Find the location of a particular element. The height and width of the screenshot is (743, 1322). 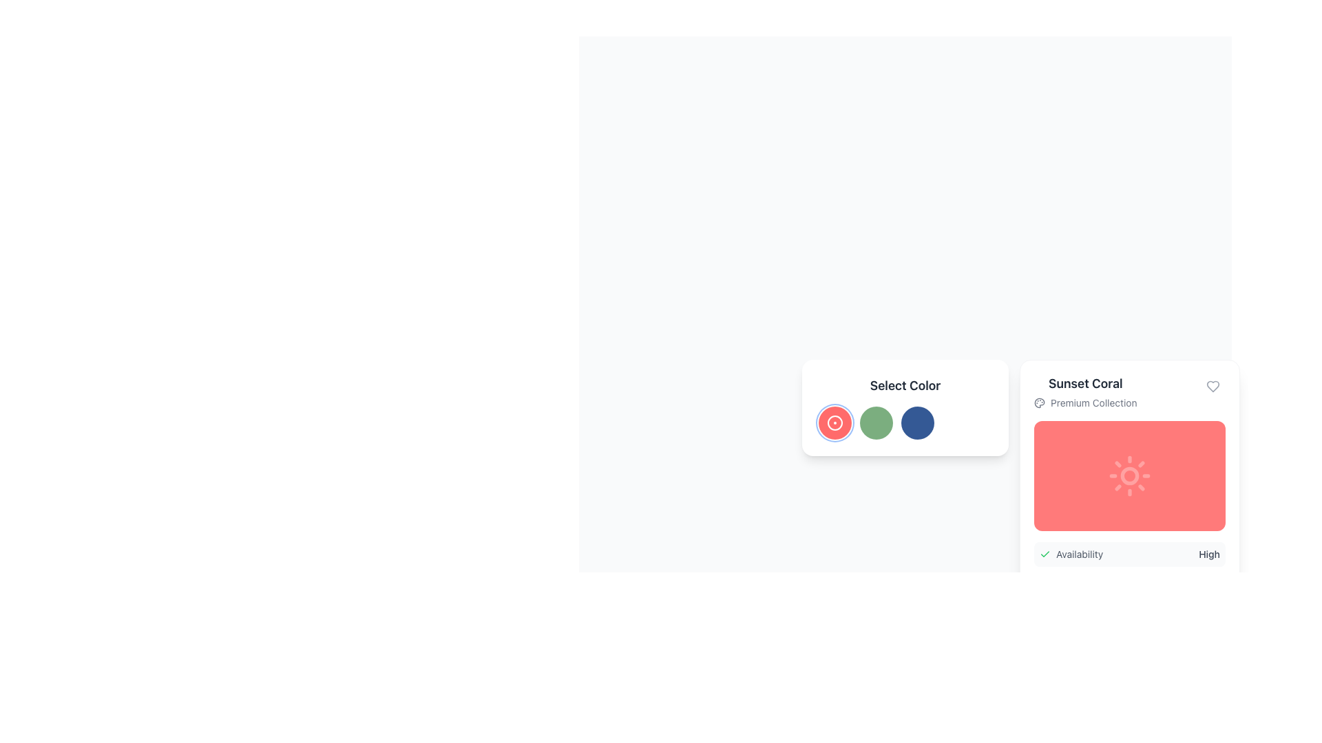

the green checkmark icon that is located within the bottom section of the card component, positioned to the left of the 'Availability' text is located at coordinates (1045, 554).